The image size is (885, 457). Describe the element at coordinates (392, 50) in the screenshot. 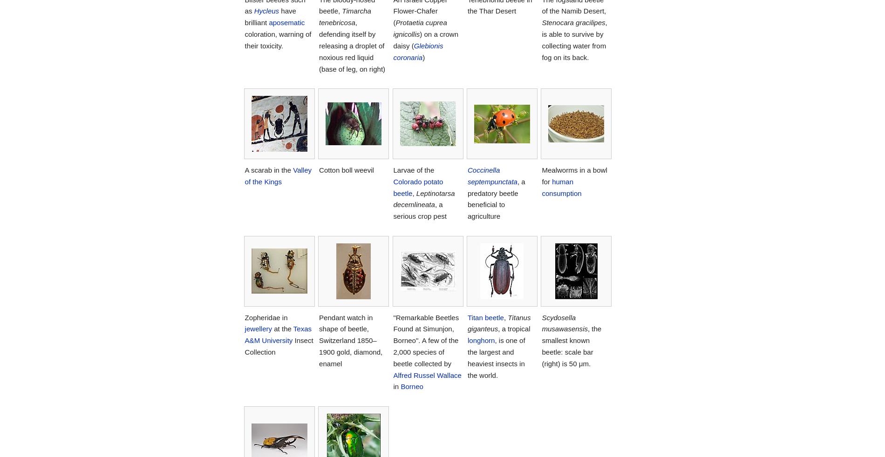

I see `'Glebionis coronaria'` at that location.